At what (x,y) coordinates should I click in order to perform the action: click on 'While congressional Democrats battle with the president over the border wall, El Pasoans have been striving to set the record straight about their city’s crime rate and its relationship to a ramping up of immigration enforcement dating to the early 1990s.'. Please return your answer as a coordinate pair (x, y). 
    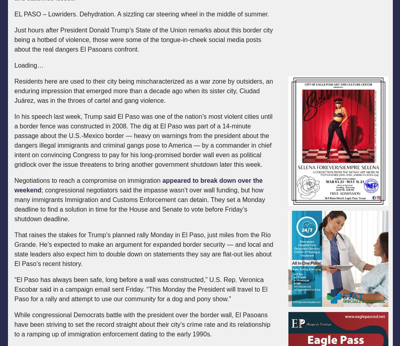
    Looking at the image, I should click on (142, 324).